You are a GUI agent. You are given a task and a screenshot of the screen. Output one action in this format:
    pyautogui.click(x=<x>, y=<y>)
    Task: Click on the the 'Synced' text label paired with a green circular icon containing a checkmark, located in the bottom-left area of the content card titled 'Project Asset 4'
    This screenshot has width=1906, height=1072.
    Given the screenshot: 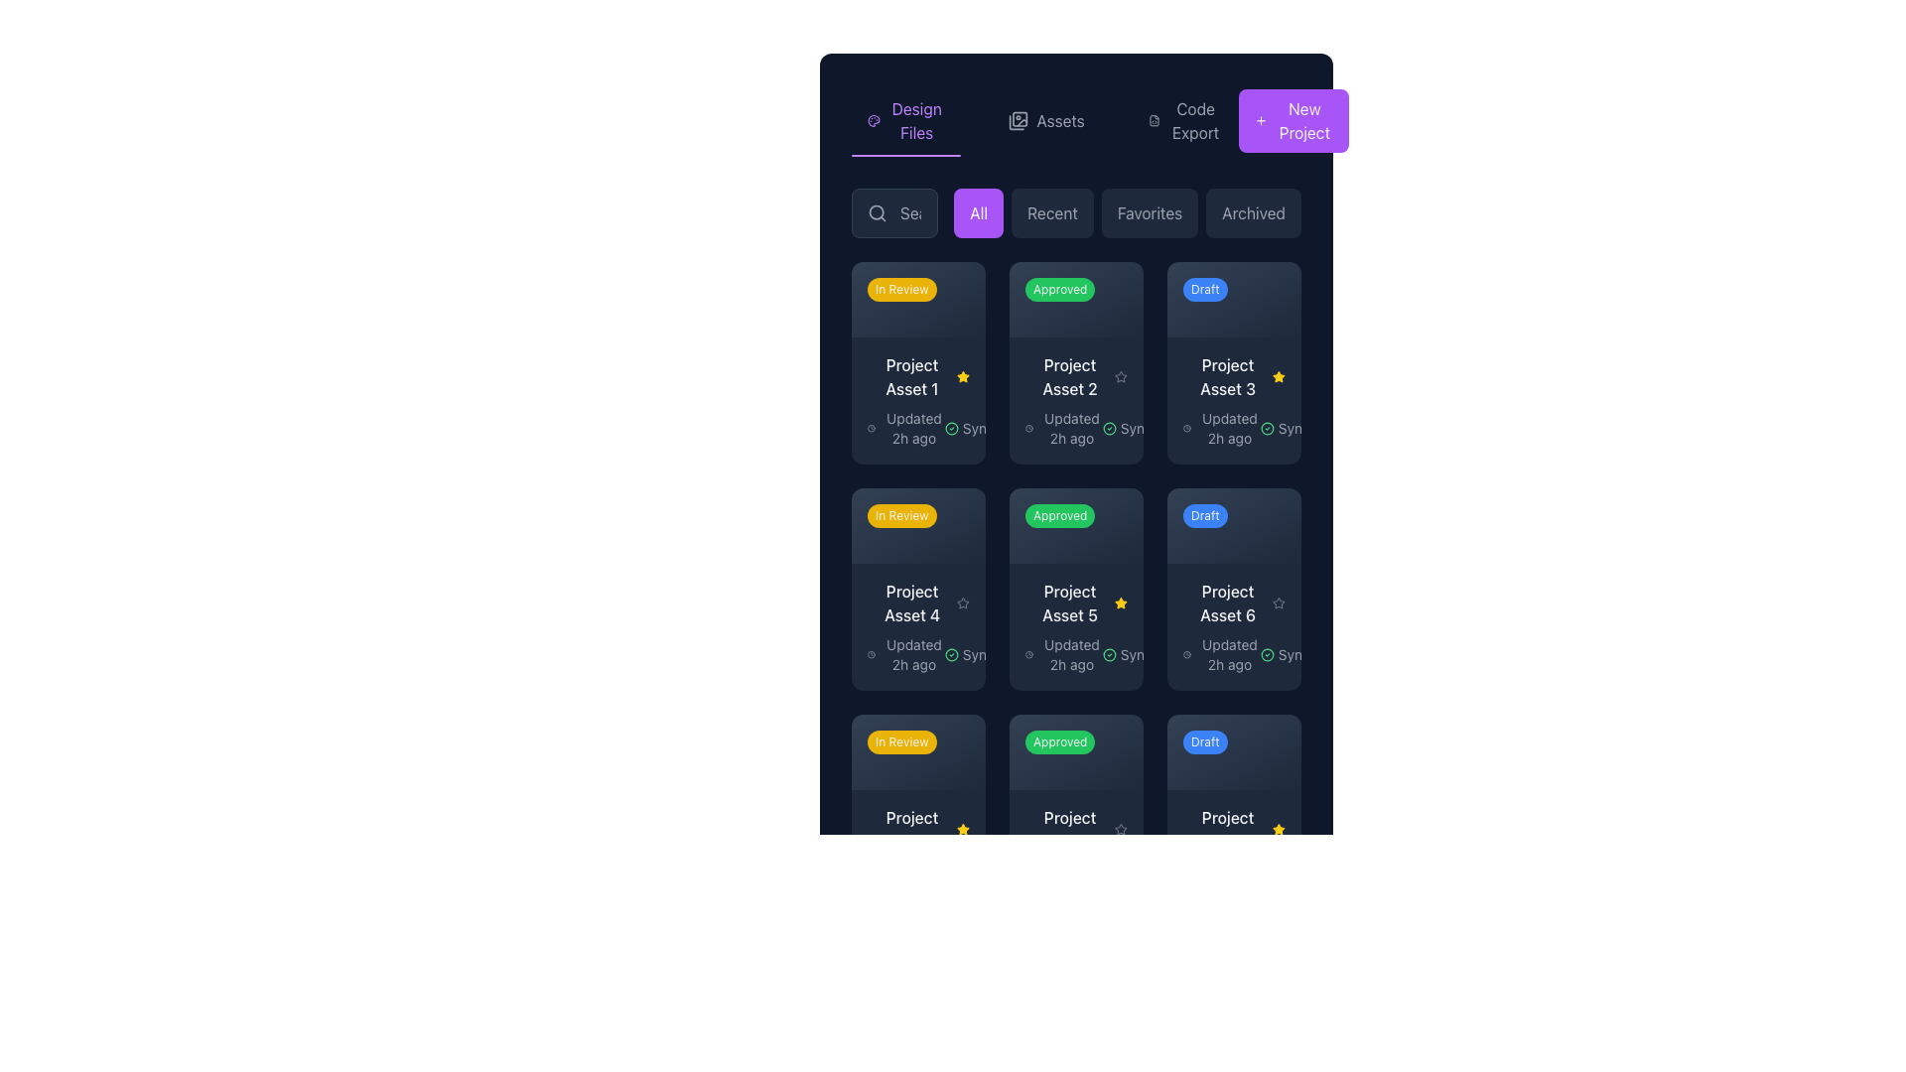 What is the action you would take?
    pyautogui.click(x=977, y=654)
    